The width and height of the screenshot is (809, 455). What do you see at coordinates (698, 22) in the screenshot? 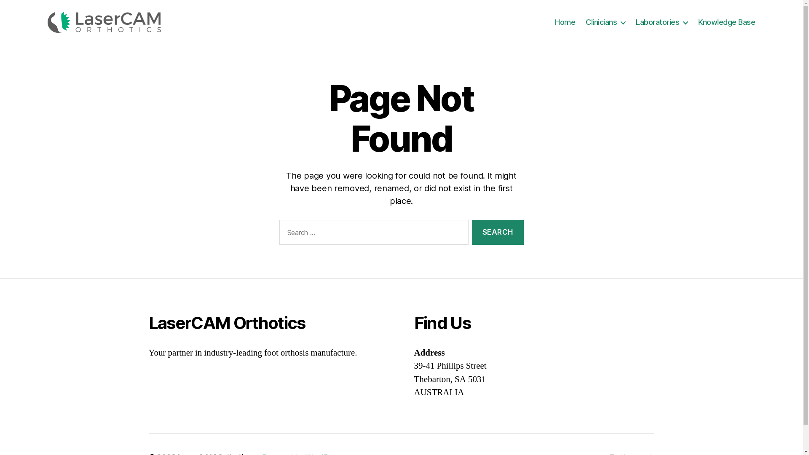
I see `'Knowledge Base'` at bounding box center [698, 22].